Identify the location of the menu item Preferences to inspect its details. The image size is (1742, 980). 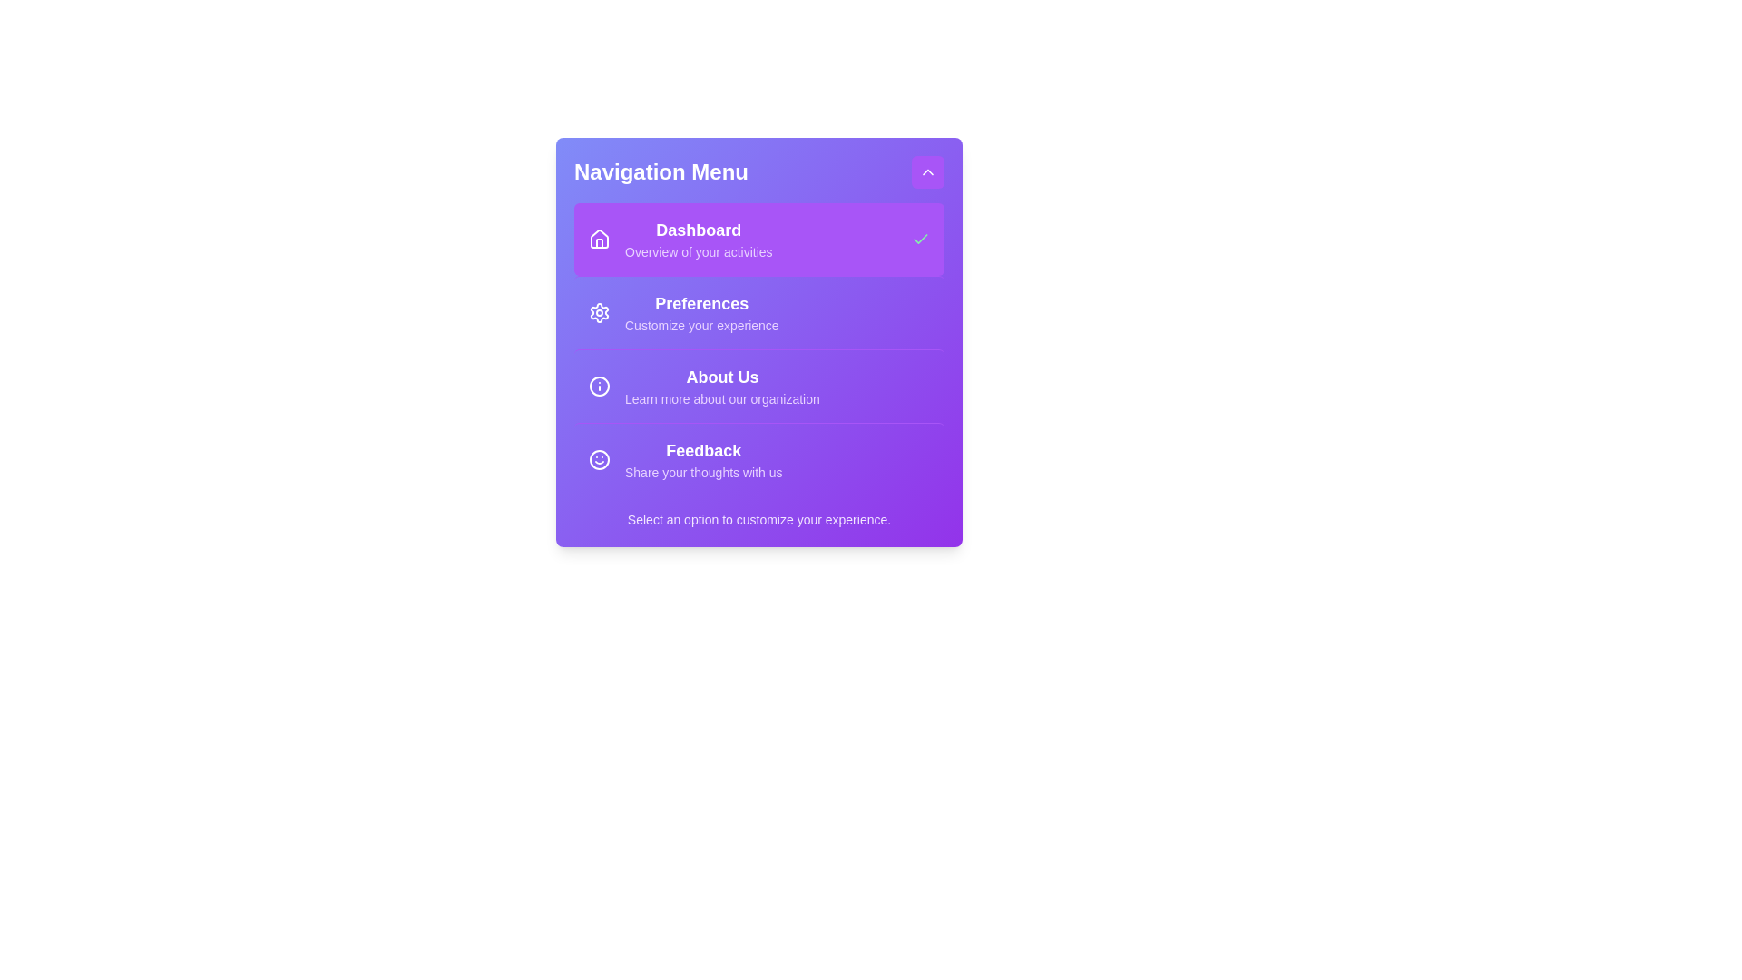
(758, 311).